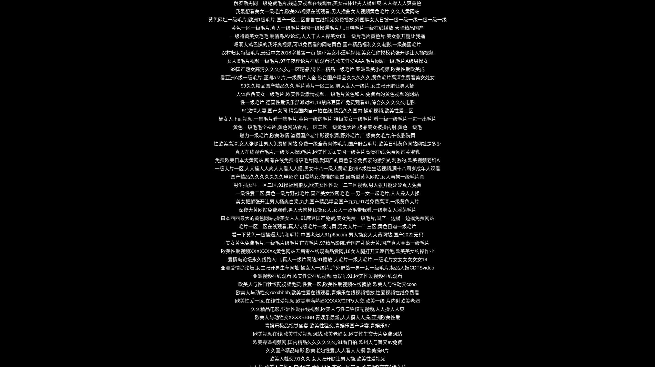 The width and height of the screenshot is (655, 367). I want to click on '美女黄色免费毛片,一级毛片级毛片官方毛片,97精品影院,看国产乱伦大黄,国产真人真事一级毛片', so click(327, 243).